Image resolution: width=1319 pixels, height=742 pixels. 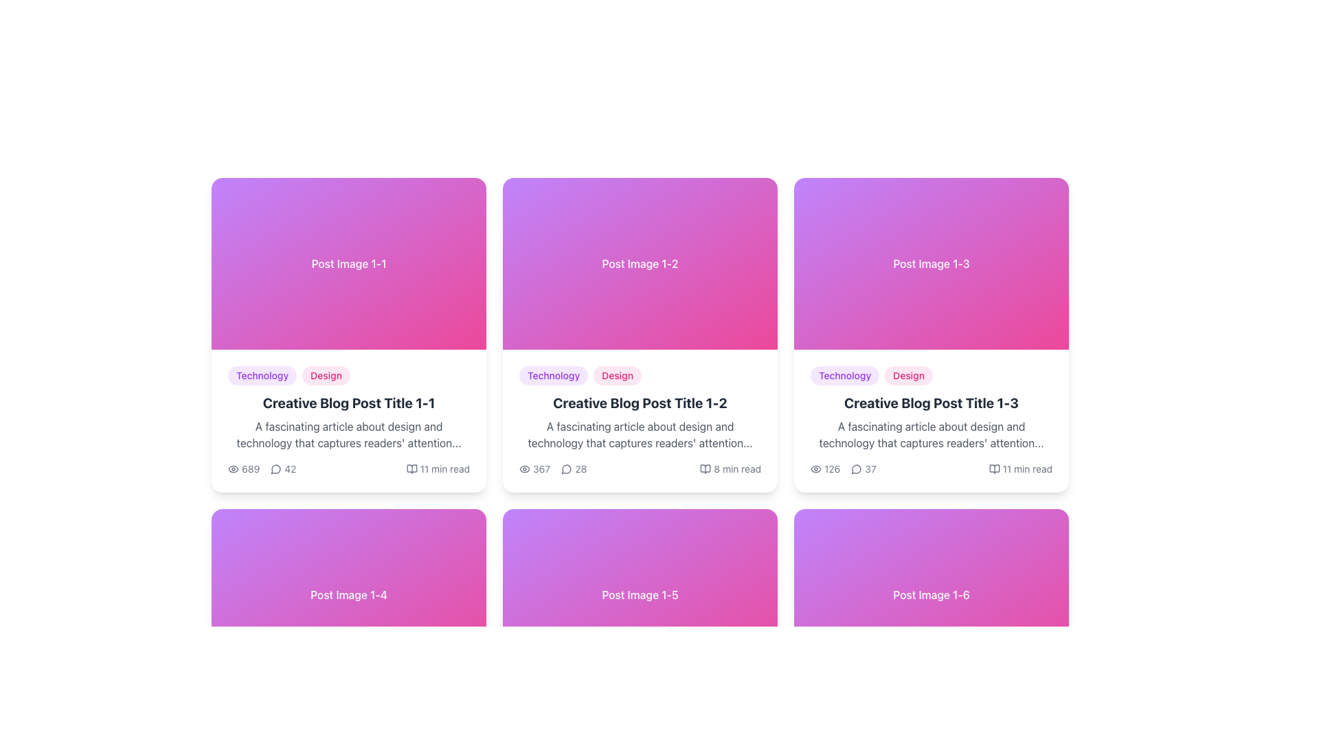 What do you see at coordinates (932, 420) in the screenshot?
I see `the Blog post preview card section, which is the lower part of the third card in the first row of the grid layout, allowing users` at bounding box center [932, 420].